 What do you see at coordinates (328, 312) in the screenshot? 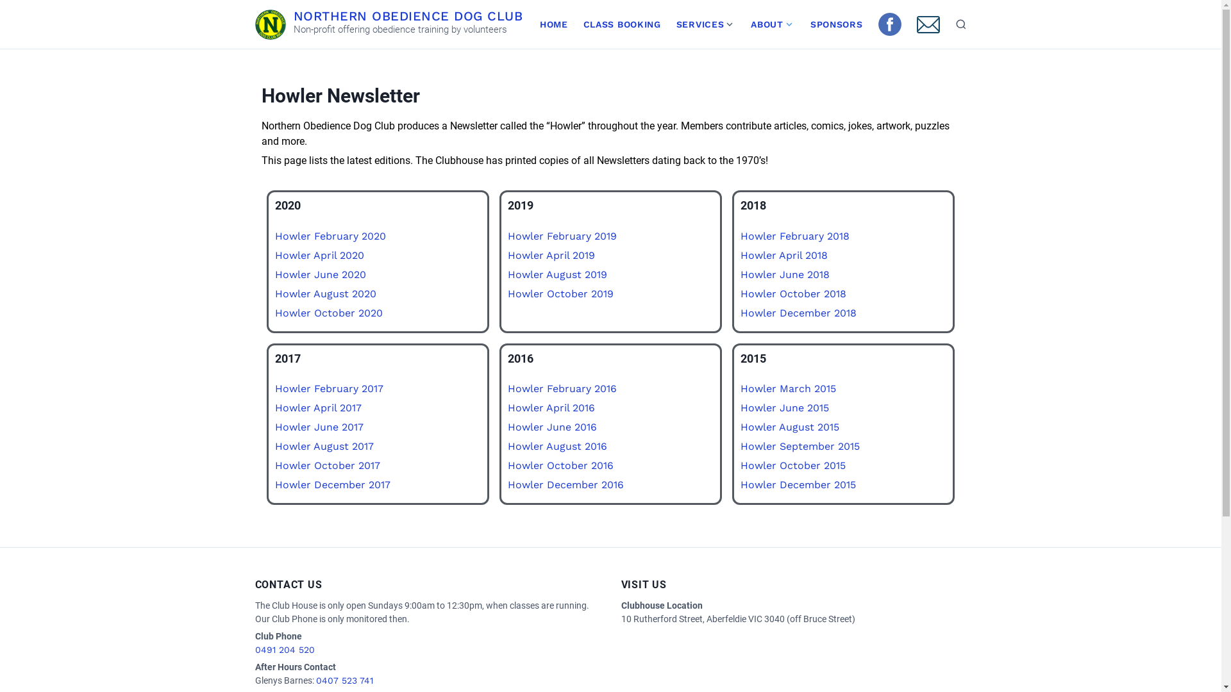
I see `'Howler October 2020'` at bounding box center [328, 312].